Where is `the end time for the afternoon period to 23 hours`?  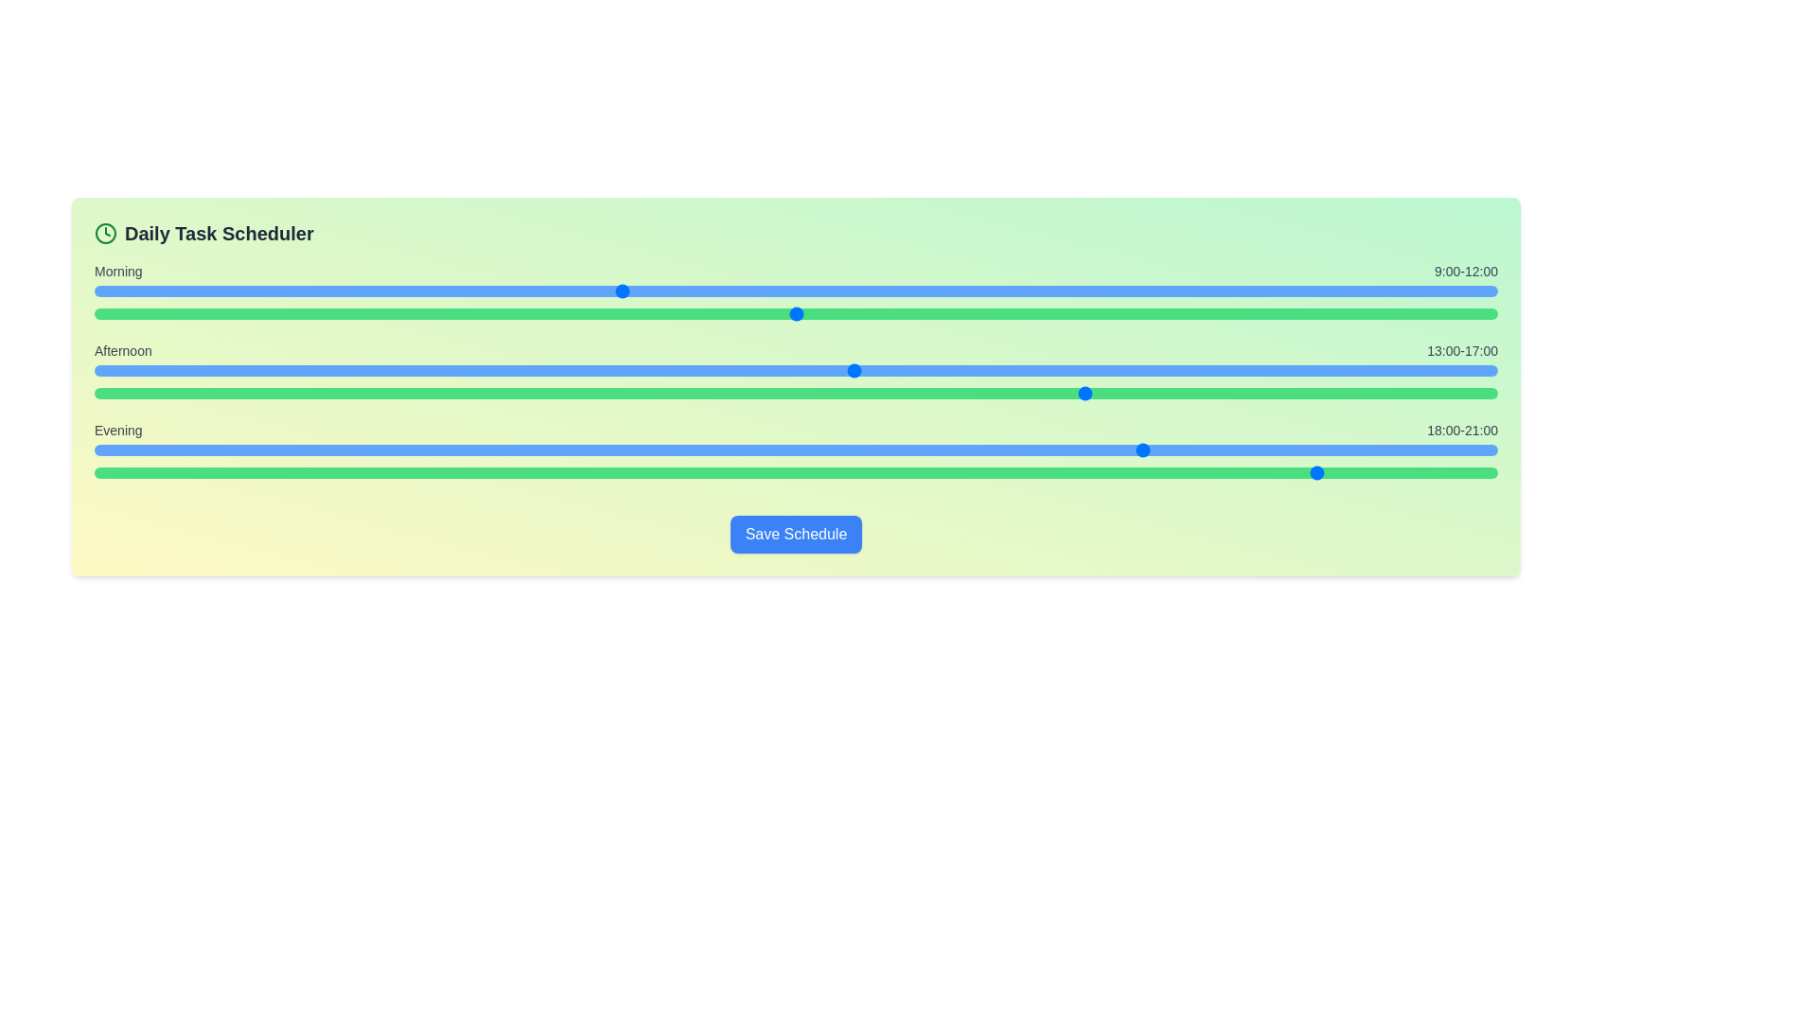 the end time for the afternoon period to 23 hours is located at coordinates (1370, 393).